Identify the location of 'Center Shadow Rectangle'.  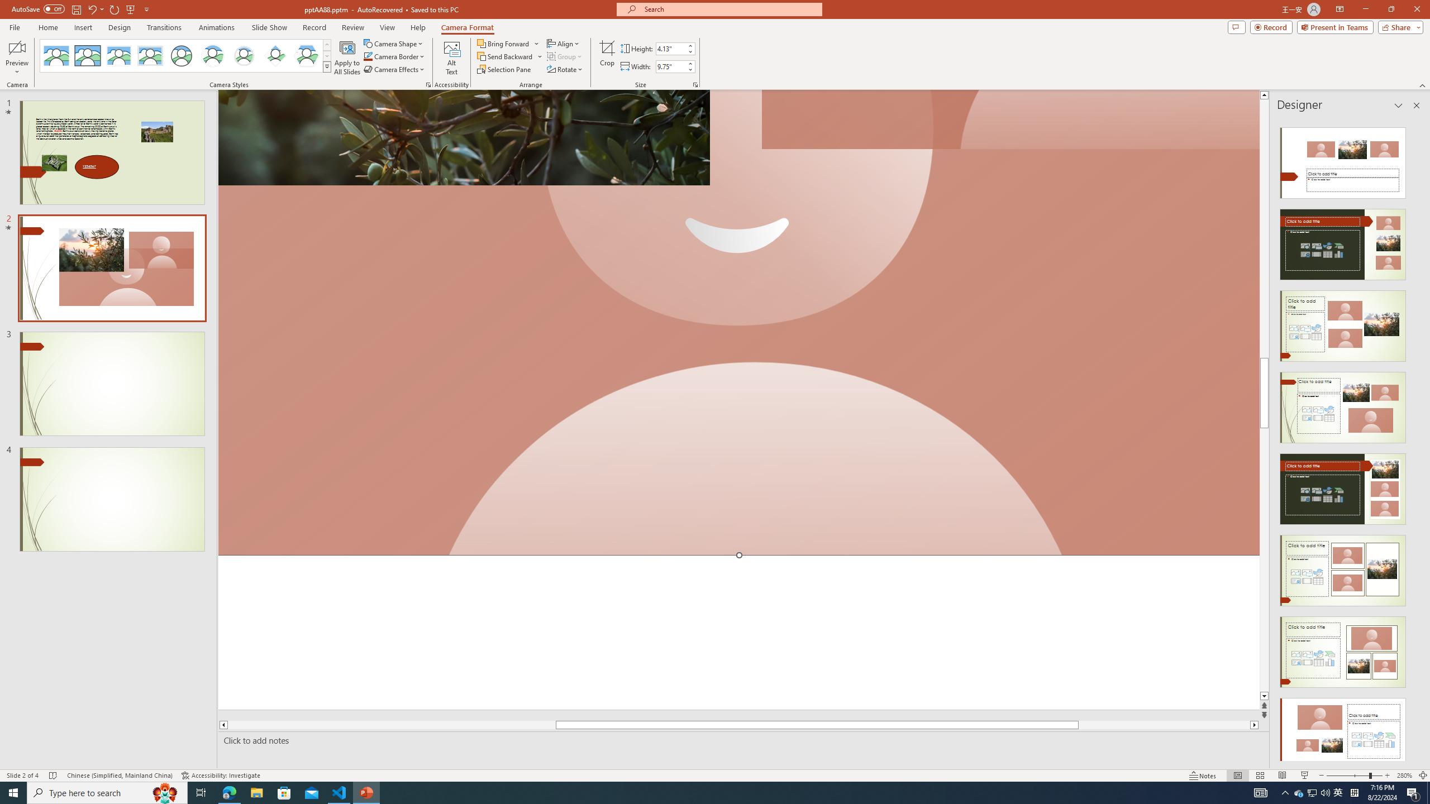
(118, 55).